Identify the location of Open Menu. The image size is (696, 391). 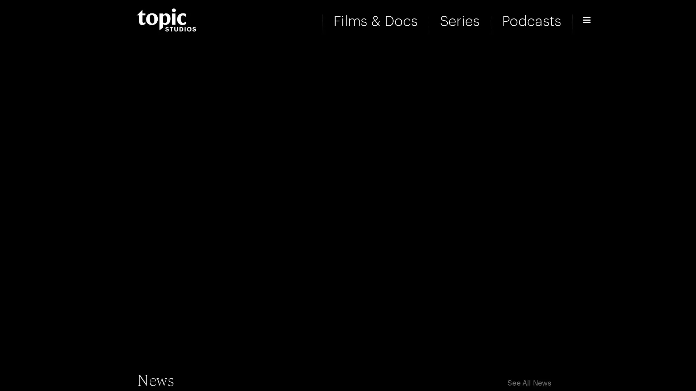
(587, 20).